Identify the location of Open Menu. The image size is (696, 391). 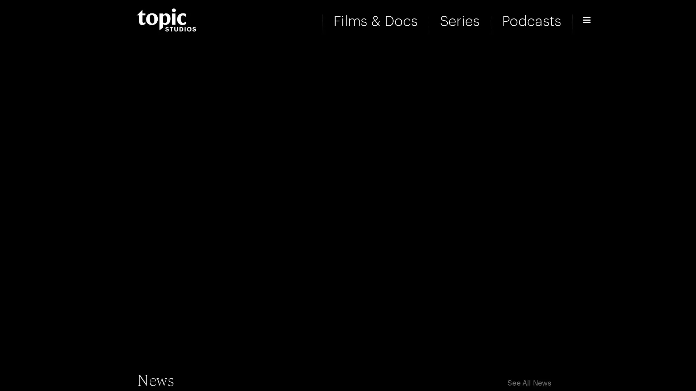
(587, 20).